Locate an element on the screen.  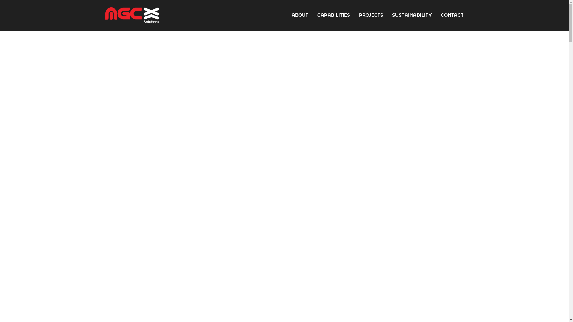
'PROJECTS' is located at coordinates (370, 15).